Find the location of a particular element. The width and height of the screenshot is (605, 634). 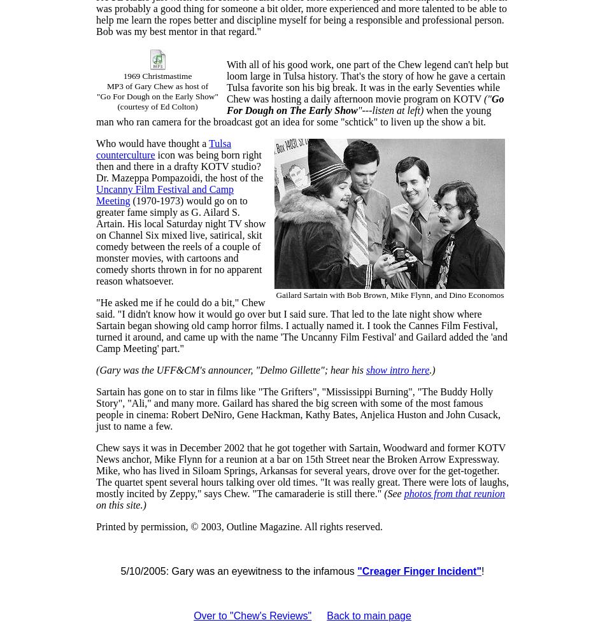

'!' is located at coordinates (482, 570).